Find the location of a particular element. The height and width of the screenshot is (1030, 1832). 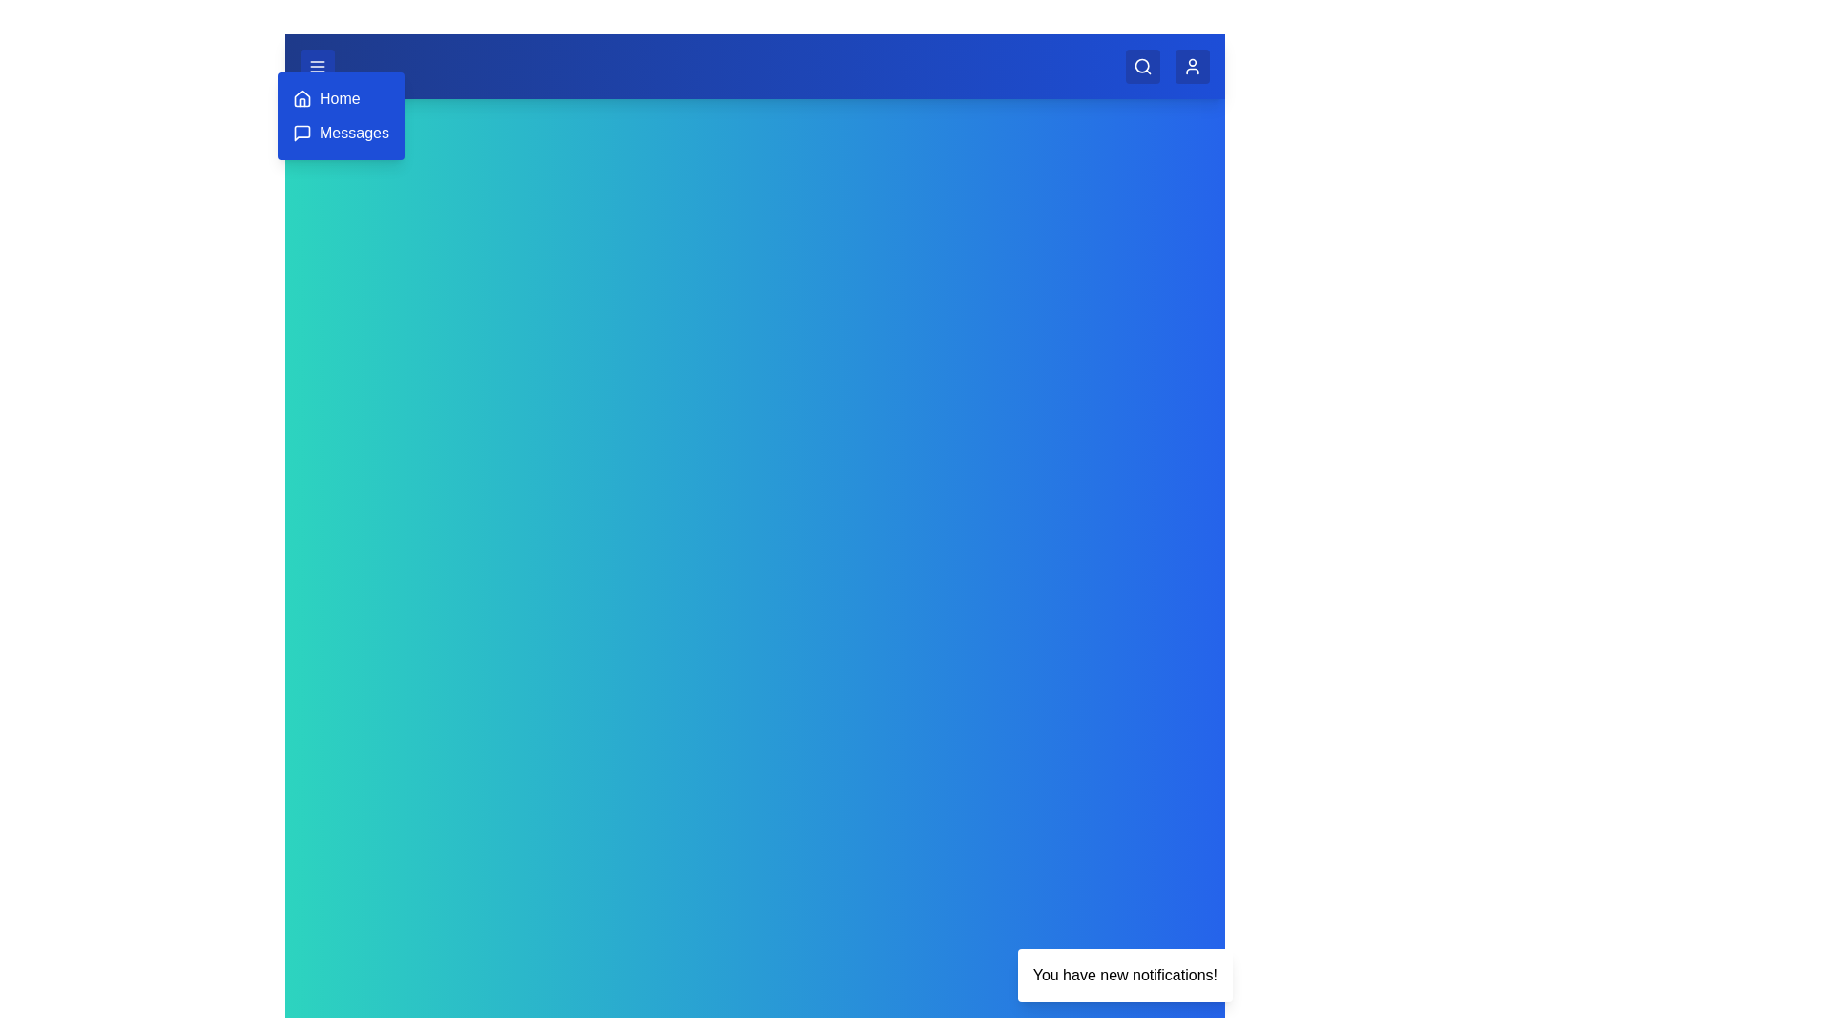

the search button in the app bar to initiate a search is located at coordinates (1143, 65).